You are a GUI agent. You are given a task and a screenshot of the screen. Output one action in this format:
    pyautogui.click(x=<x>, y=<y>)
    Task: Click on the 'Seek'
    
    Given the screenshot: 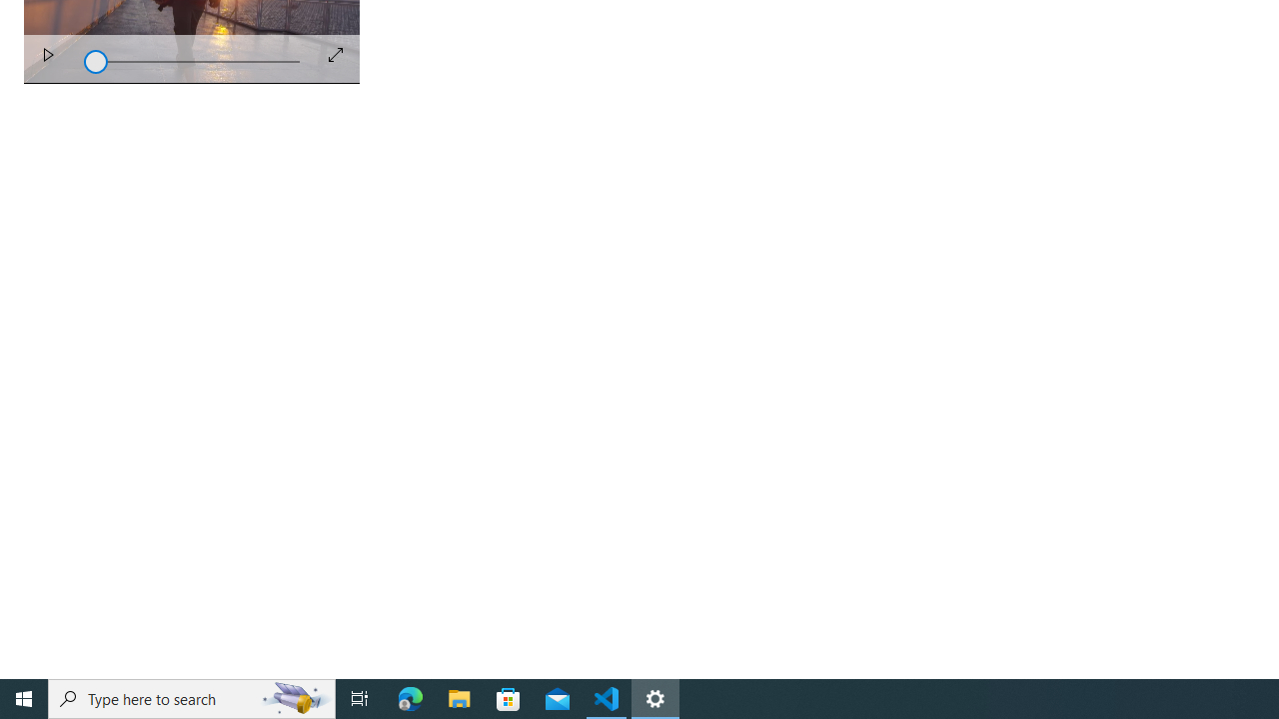 What is the action you would take?
    pyautogui.click(x=192, y=58)
    